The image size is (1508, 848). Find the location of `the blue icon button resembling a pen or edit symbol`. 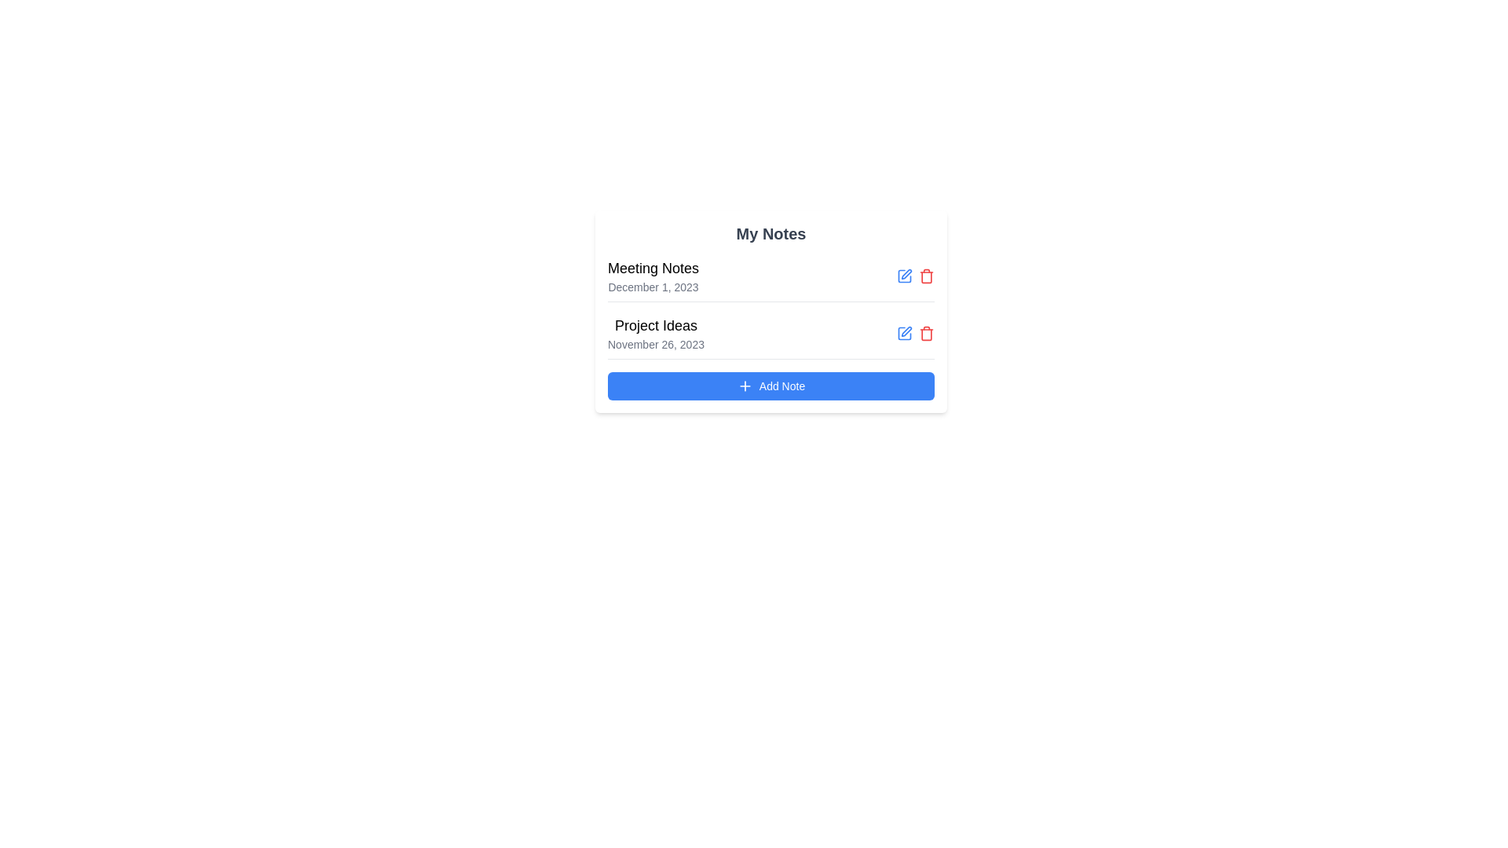

the blue icon button resembling a pen or edit symbol is located at coordinates (905, 332).